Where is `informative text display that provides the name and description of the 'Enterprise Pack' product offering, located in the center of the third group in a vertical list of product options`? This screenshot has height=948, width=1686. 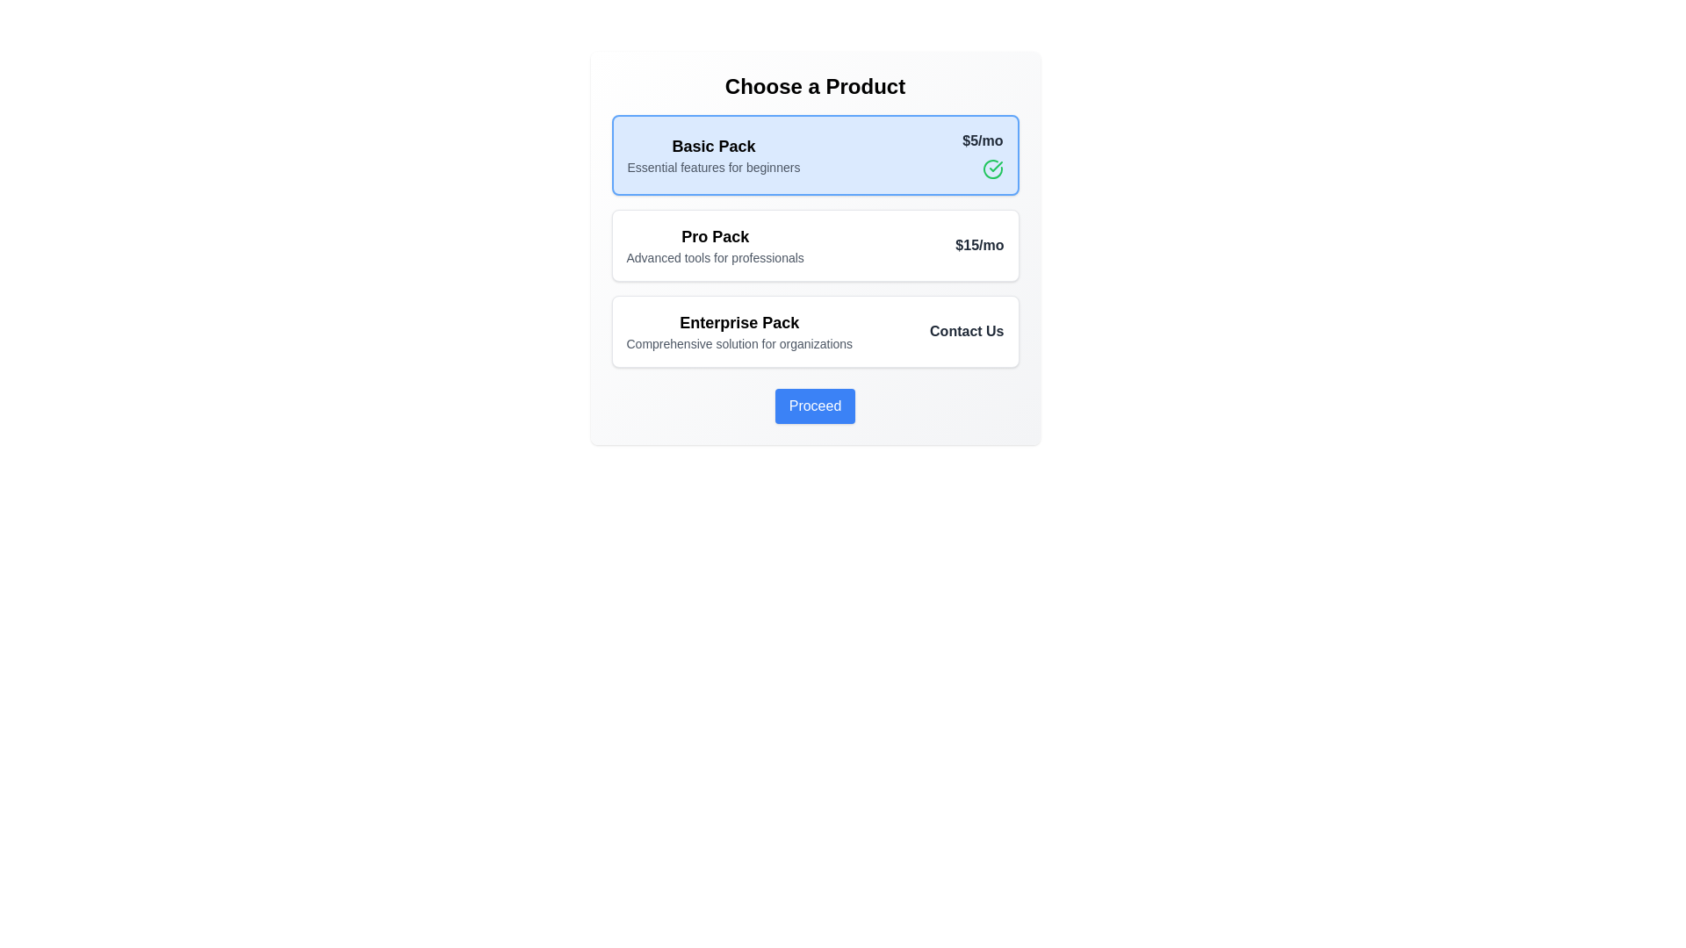 informative text display that provides the name and description of the 'Enterprise Pack' product offering, located in the center of the third group in a vertical list of product options is located at coordinates (739, 332).